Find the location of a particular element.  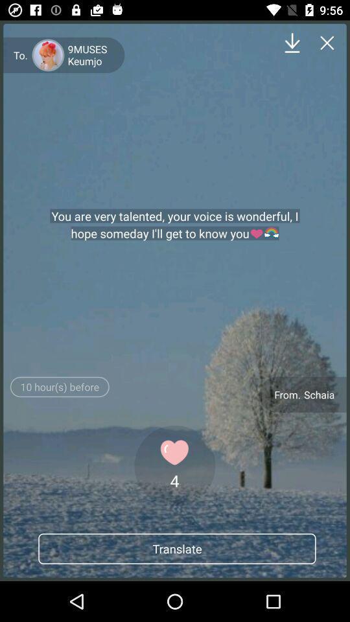

download content is located at coordinates (292, 43).